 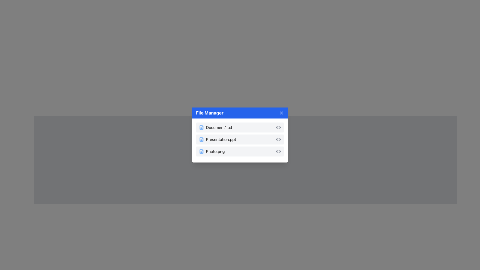 What do you see at coordinates (281, 113) in the screenshot?
I see `the white 'X' icon button styled in a blue square located at the top-right corner of the 'File Manager' window header` at bounding box center [281, 113].